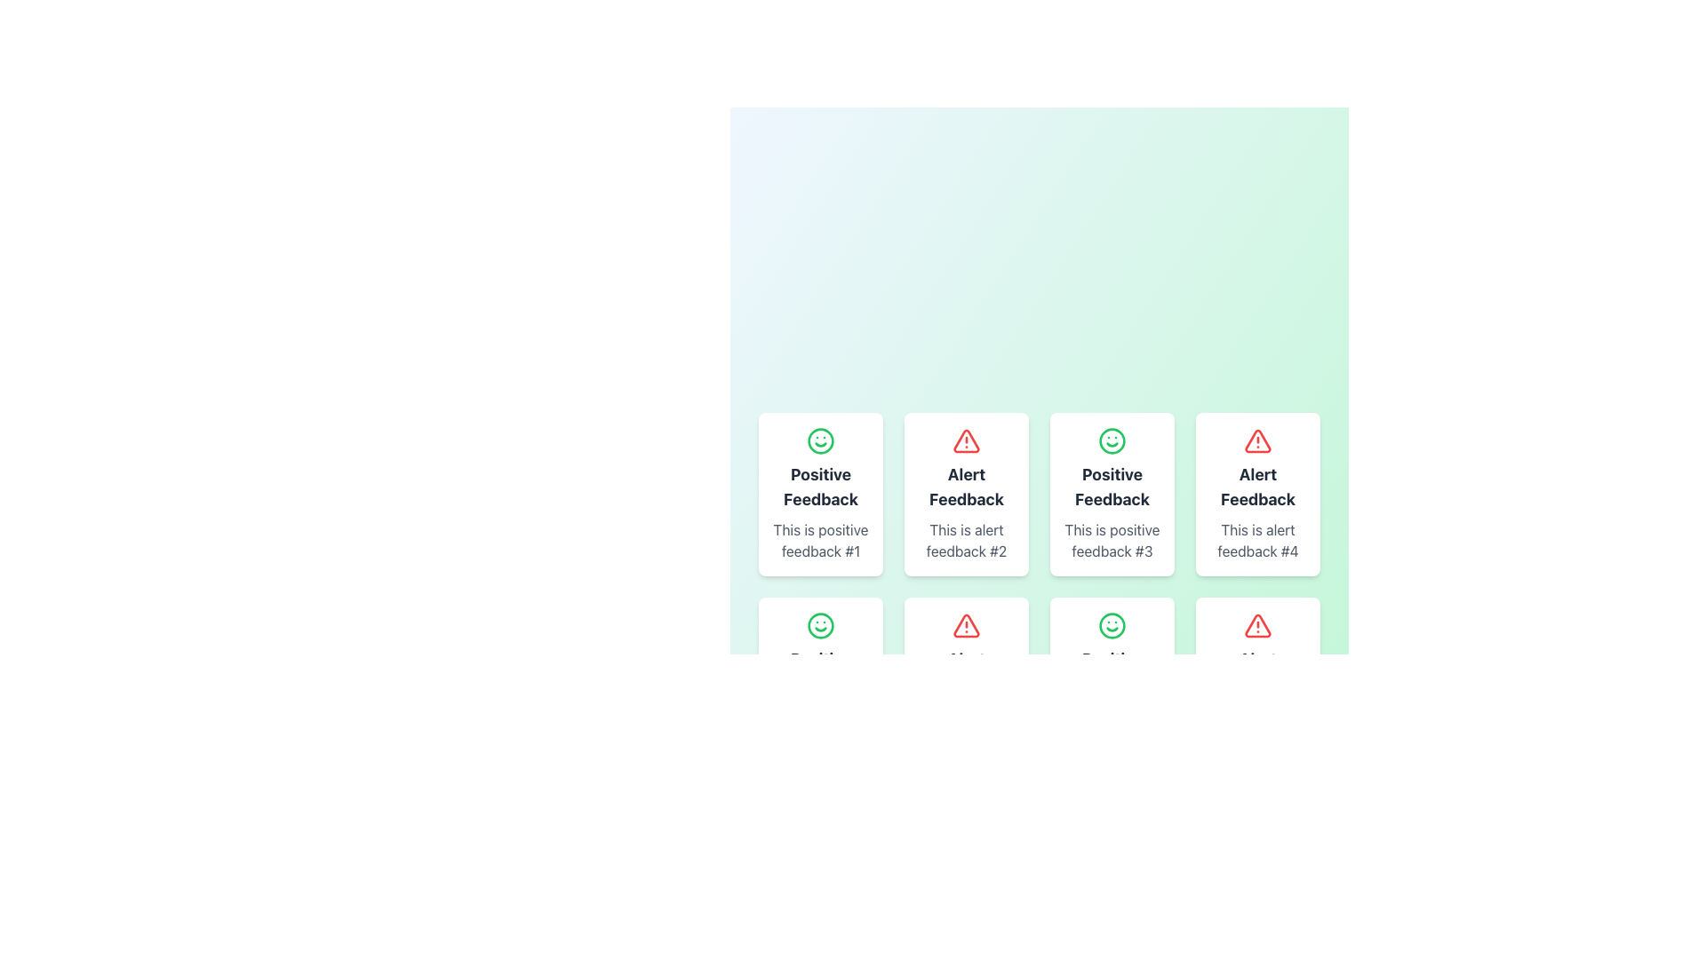  Describe the element at coordinates (966, 487) in the screenshot. I see `text label 'Alert Feedback' which is styled in bold, center-aligned typography and positioned below an icon in a grid layout` at that location.